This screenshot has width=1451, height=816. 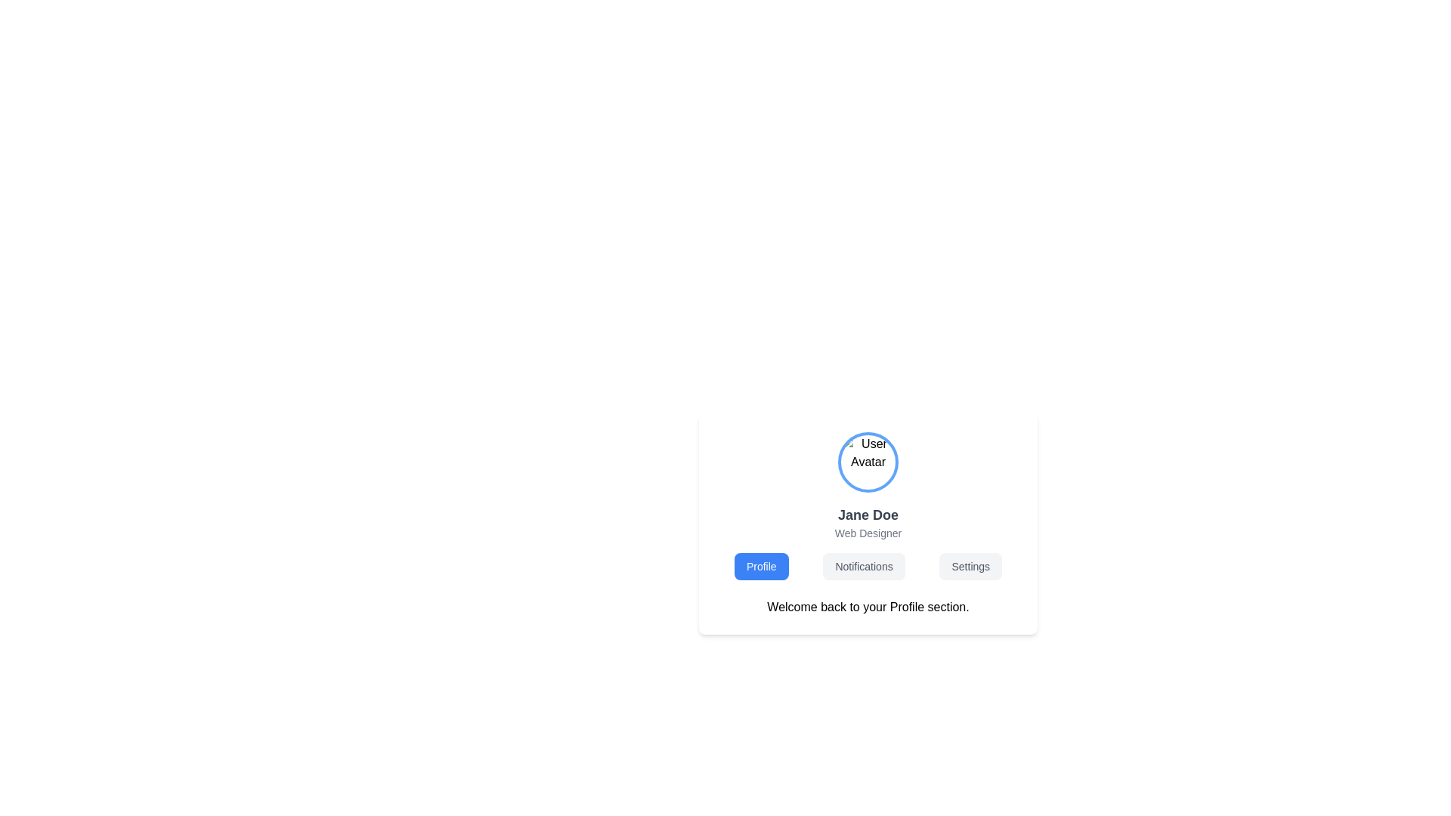 I want to click on the user avatar located at the top of the profile card, which represents the profile picture for user Jane Doe, so click(x=868, y=462).